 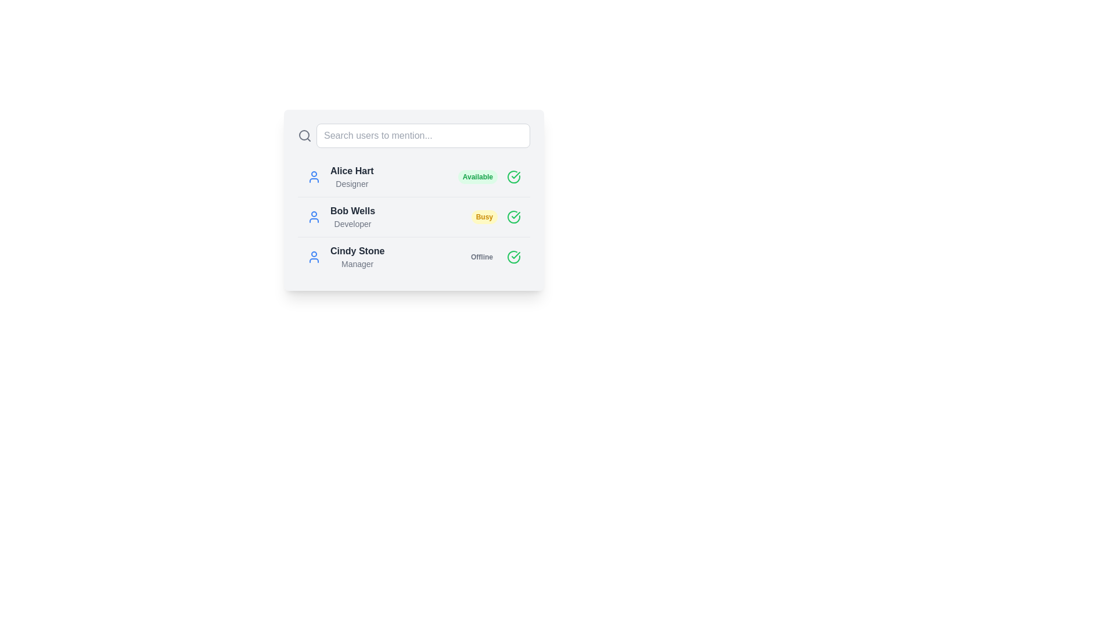 What do you see at coordinates (314, 257) in the screenshot?
I see `the SVG icon depicting a user silhouette associated with 'Cindy Stone' in the user list` at bounding box center [314, 257].